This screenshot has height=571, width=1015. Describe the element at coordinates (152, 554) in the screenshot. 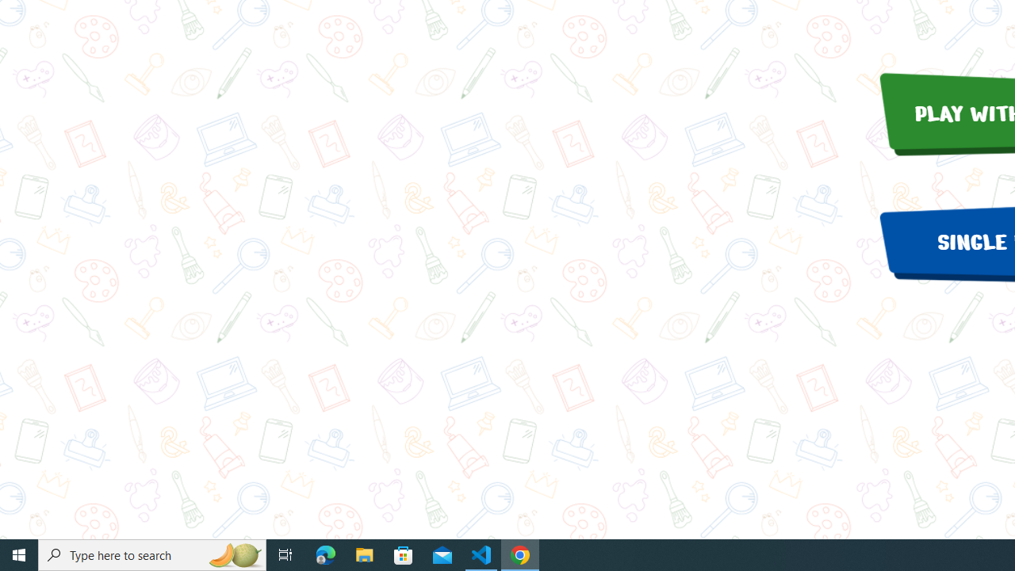

I see `'Type here to search'` at that location.